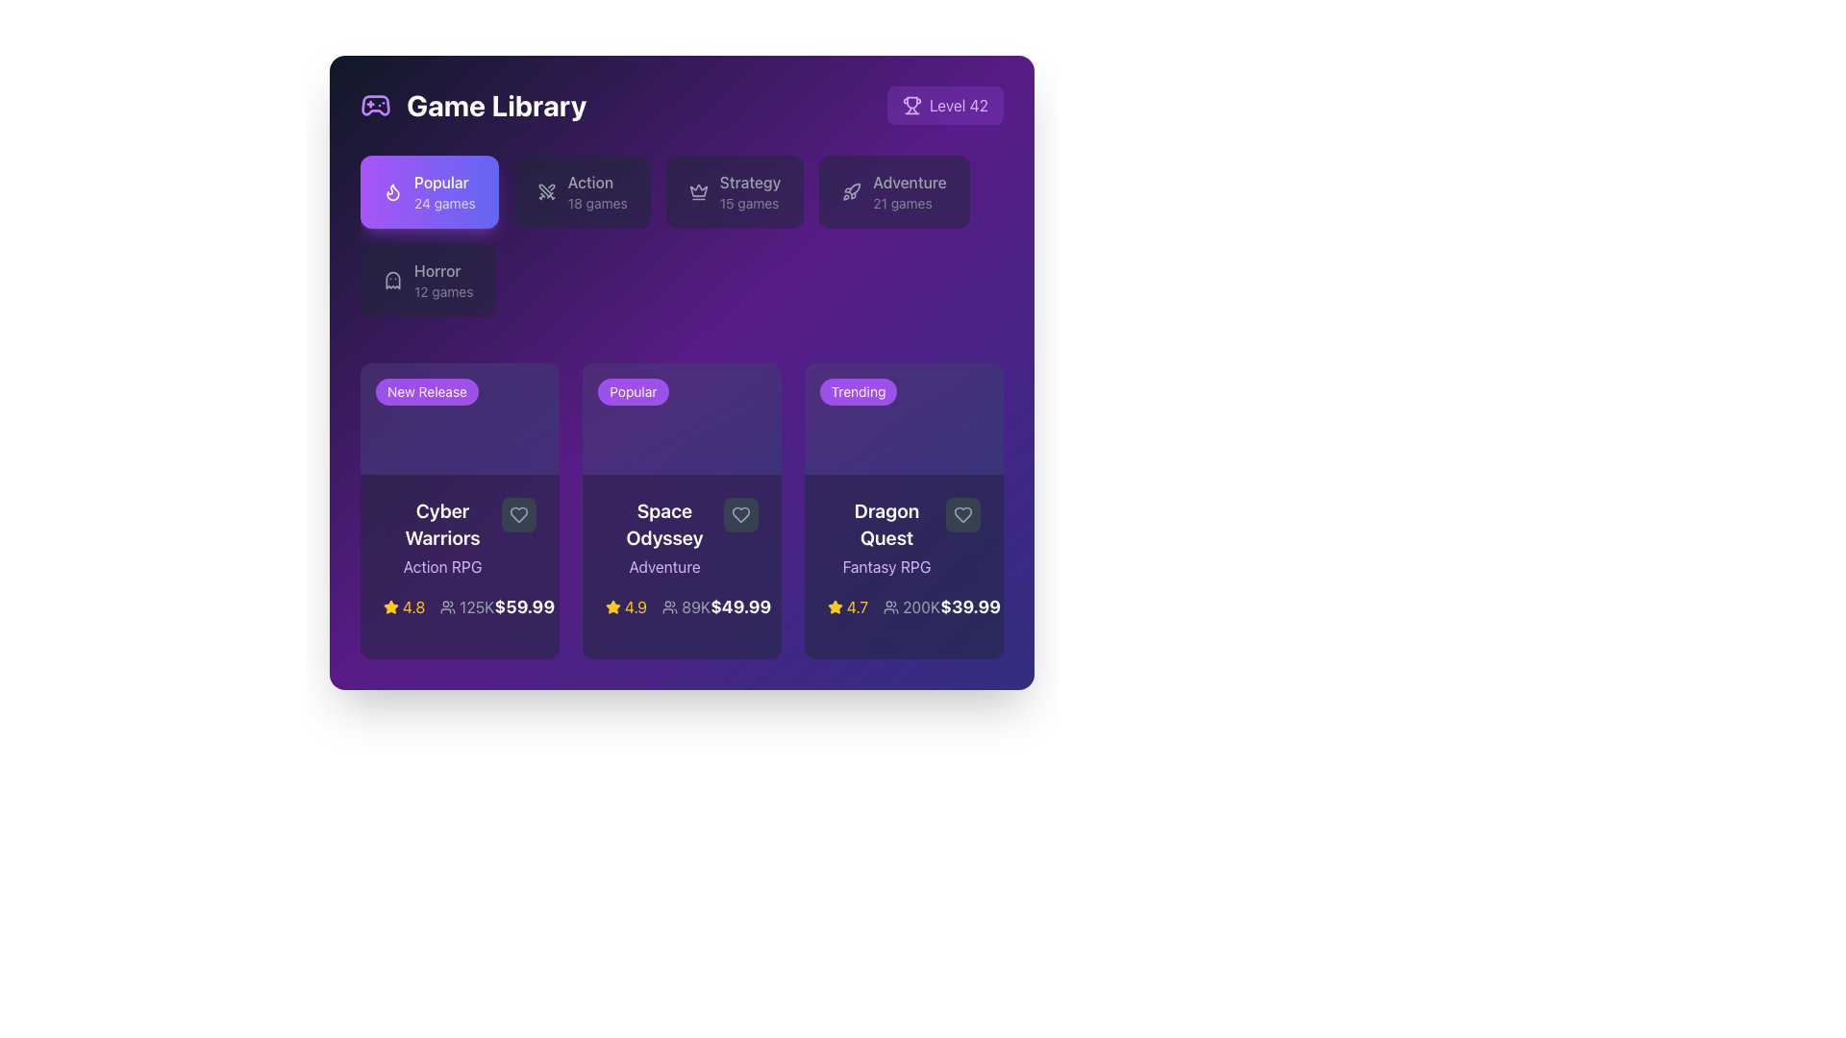 The height and width of the screenshot is (1038, 1846). I want to click on text label indicating the user count for the 'Dragon Quest' game, which is positioned below the rating score and next to the user icon within the game card, so click(920, 607).